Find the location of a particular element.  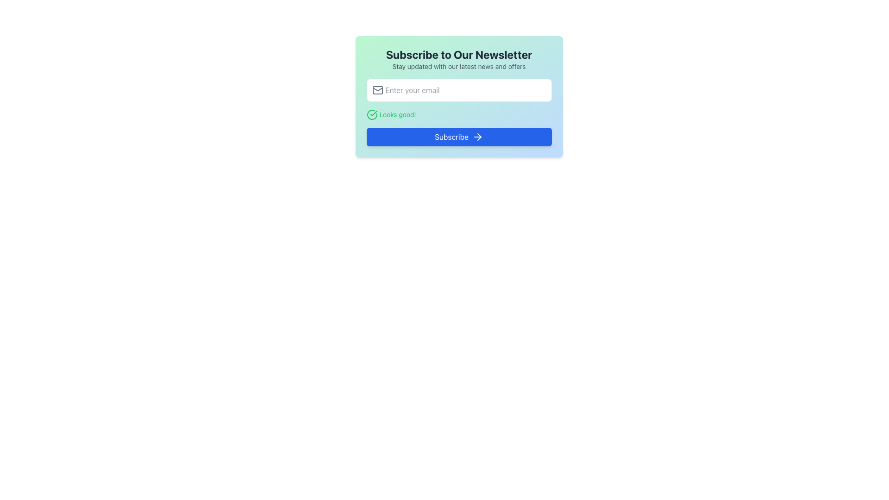

the 'Subscribe' button that contains the chevron SVG element, which visually enhances the button suggesting forward navigation is located at coordinates (479, 137).